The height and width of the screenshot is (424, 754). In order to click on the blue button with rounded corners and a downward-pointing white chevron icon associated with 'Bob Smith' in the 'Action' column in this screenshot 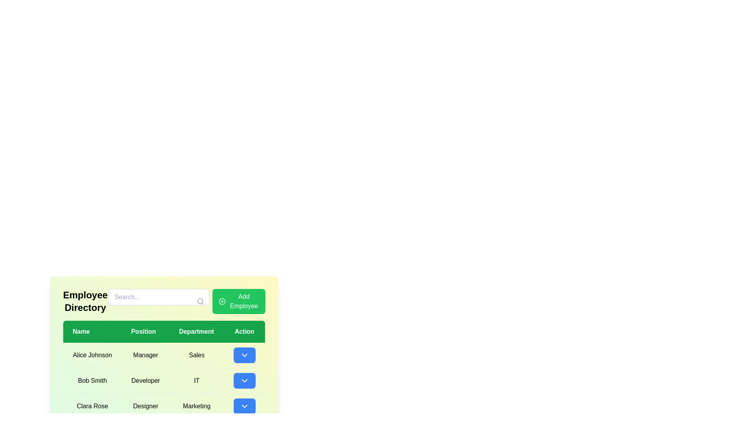, I will do `click(244, 380)`.